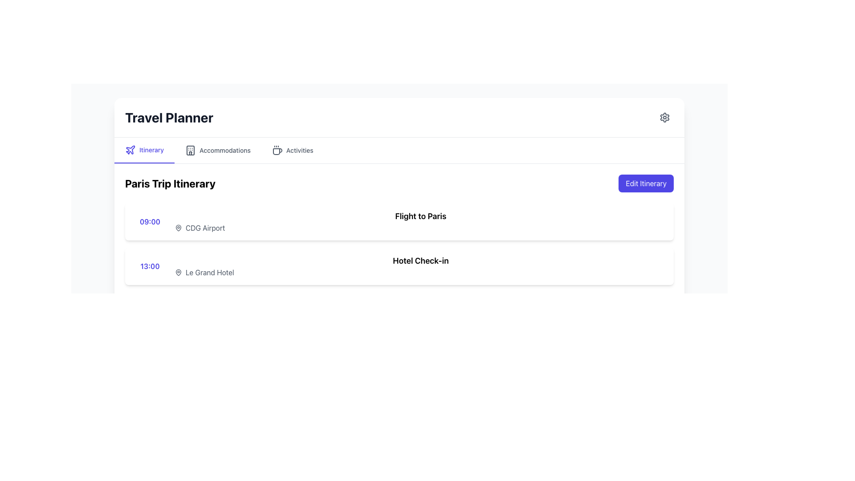  Describe the element at coordinates (420, 265) in the screenshot. I see `the 'Hotel Check-in' text element, which displays the phrase in bold and is located near the center of the content area within a row that starts with '13:00'` at that location.